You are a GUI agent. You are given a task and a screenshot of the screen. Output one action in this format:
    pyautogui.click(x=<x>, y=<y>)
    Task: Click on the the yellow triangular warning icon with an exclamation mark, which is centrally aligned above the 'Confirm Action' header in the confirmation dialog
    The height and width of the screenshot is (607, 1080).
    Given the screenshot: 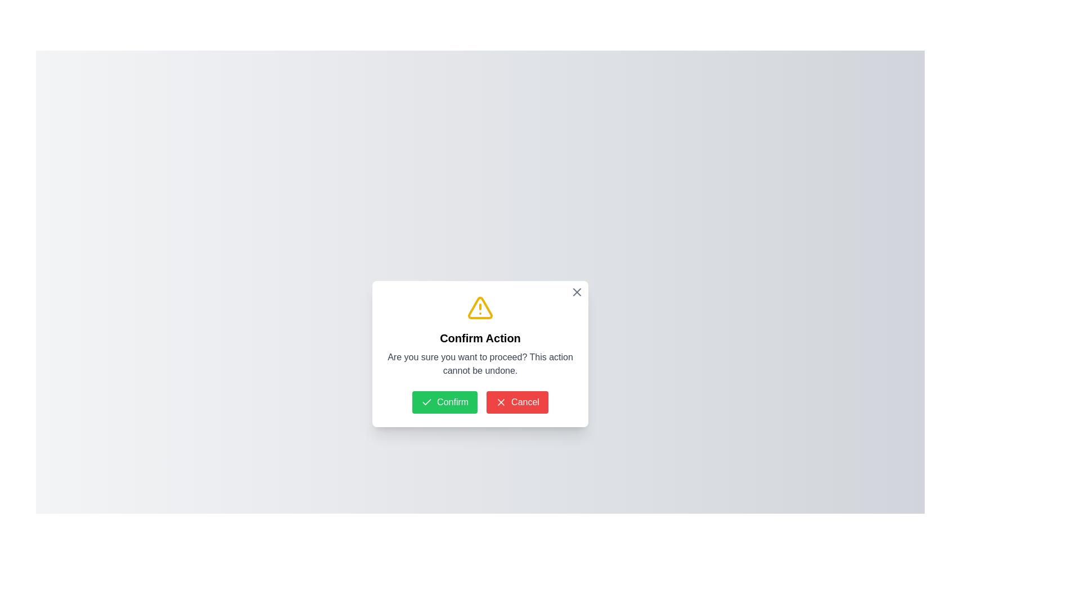 What is the action you would take?
    pyautogui.click(x=480, y=307)
    